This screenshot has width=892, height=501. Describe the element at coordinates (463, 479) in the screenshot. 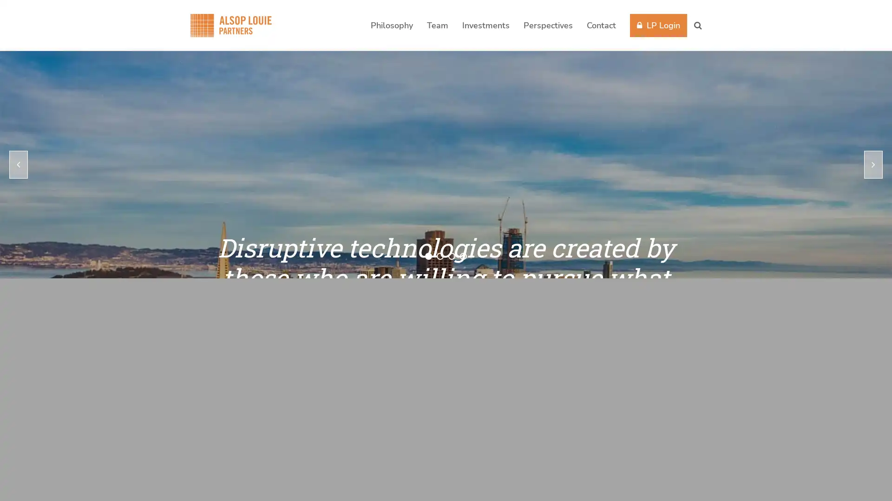

I see `go to slide 4` at that location.